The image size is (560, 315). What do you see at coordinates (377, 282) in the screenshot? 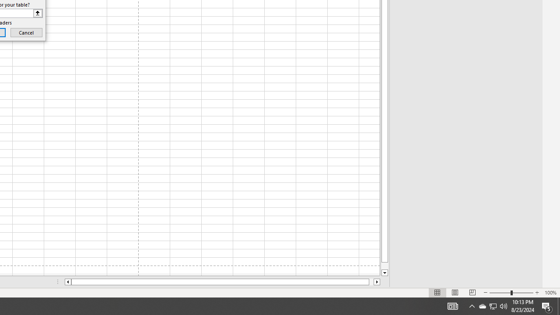
I see `'Column right'` at bounding box center [377, 282].